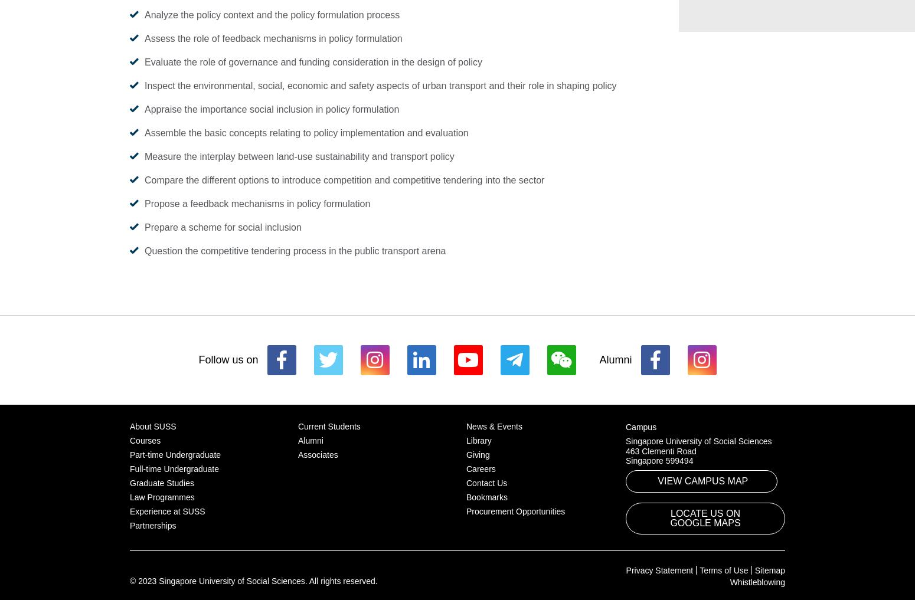  What do you see at coordinates (129, 425) in the screenshot?
I see `'About SUSS'` at bounding box center [129, 425].